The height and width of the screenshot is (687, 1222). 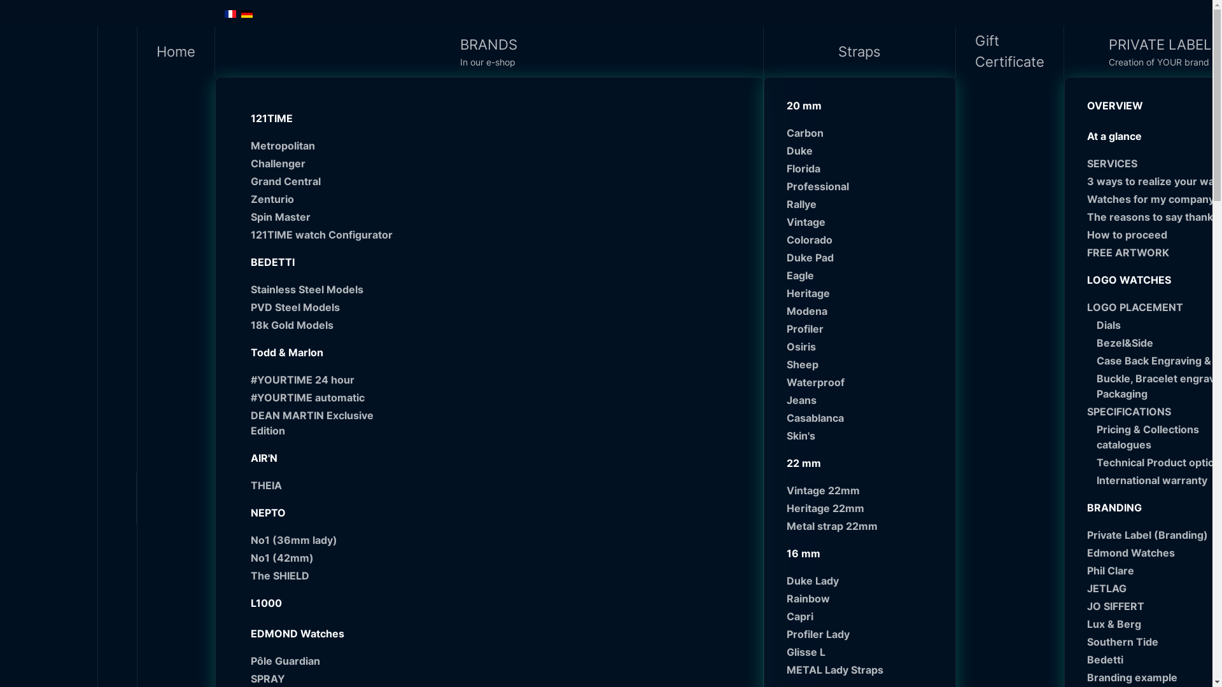 What do you see at coordinates (322, 396) in the screenshot?
I see `'#YOURTIME automatic'` at bounding box center [322, 396].